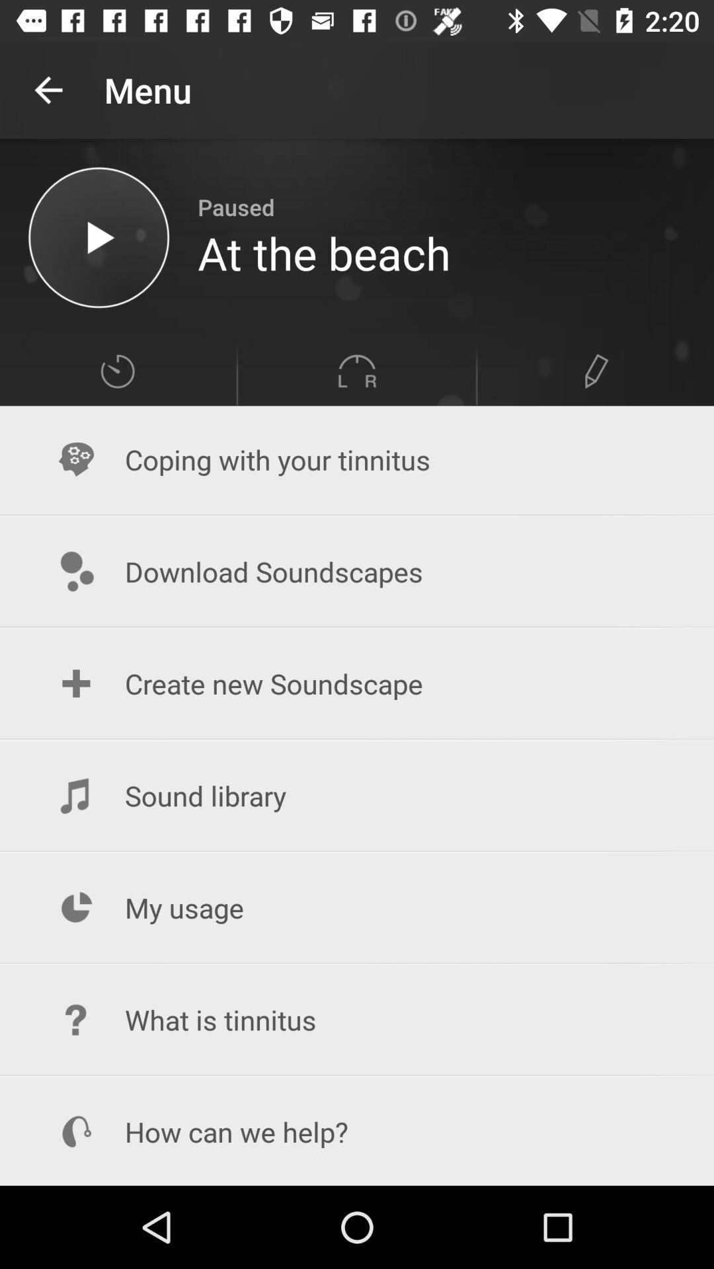 The width and height of the screenshot is (714, 1269). Describe the element at coordinates (48, 89) in the screenshot. I see `the icon to the left of the menu icon` at that location.